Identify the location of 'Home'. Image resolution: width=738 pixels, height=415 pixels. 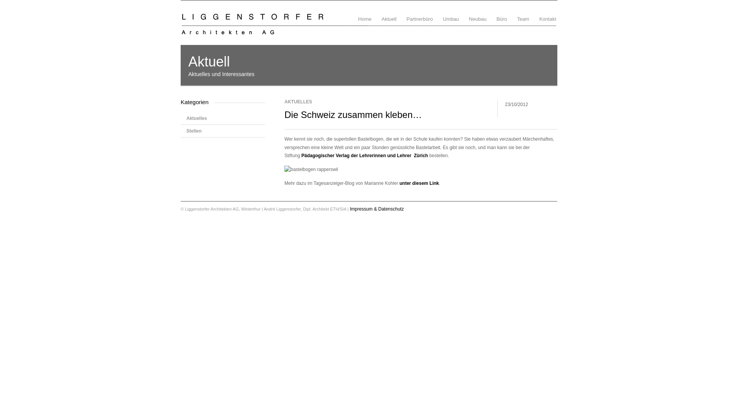
(364, 13).